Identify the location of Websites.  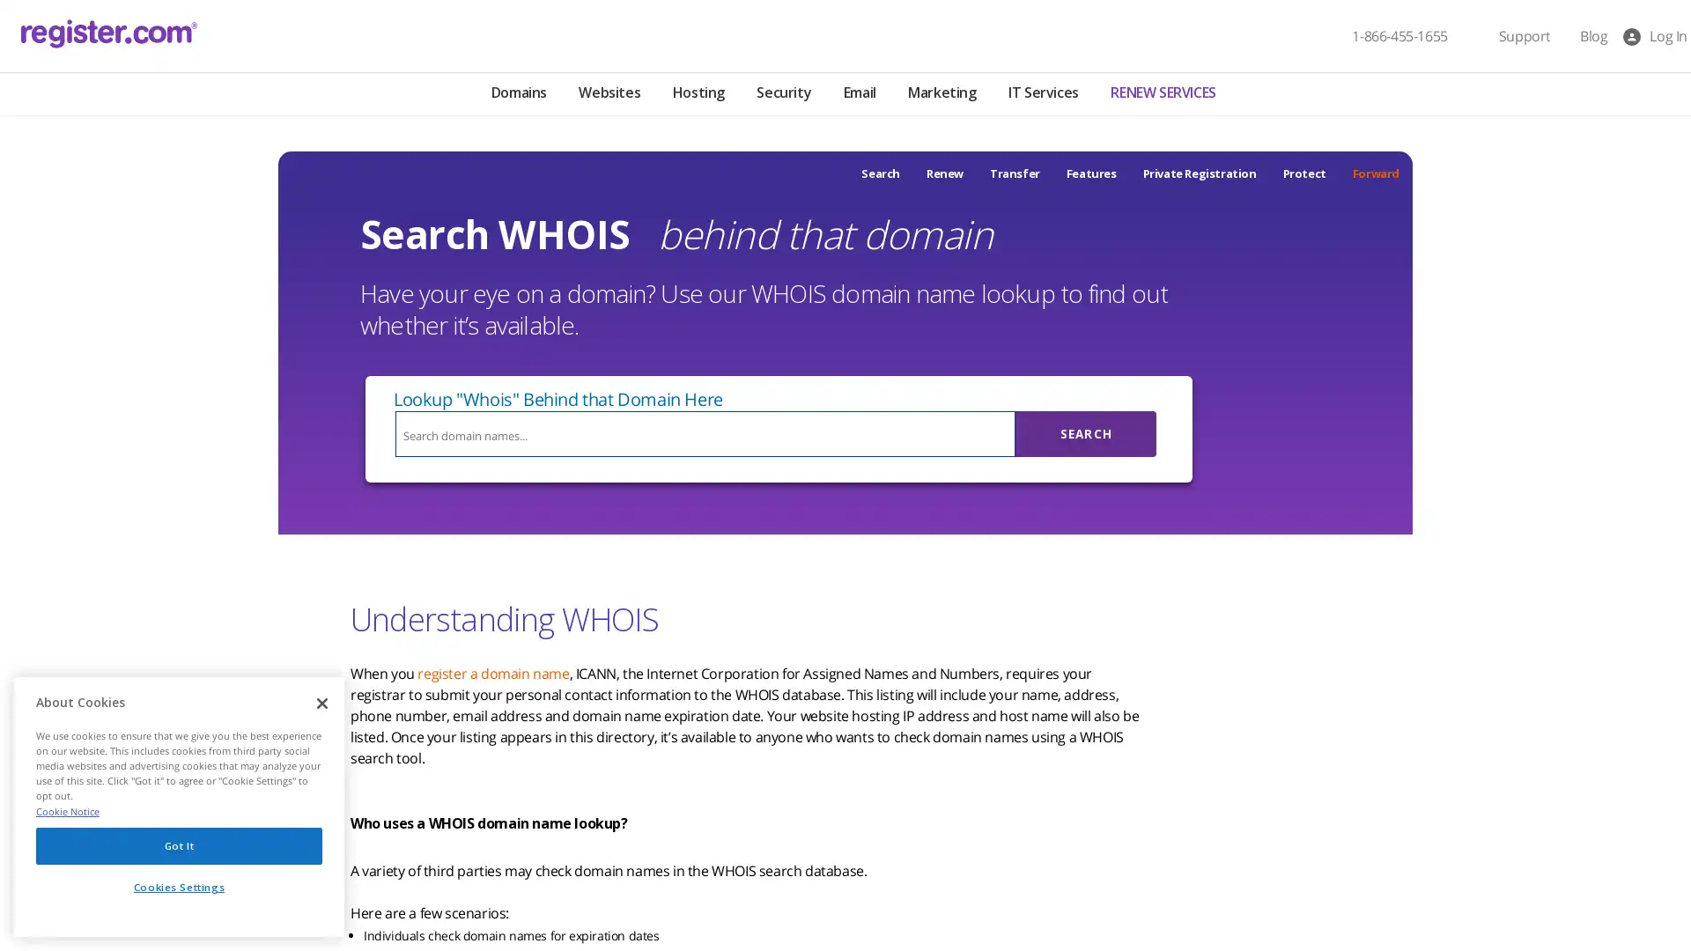
(609, 94).